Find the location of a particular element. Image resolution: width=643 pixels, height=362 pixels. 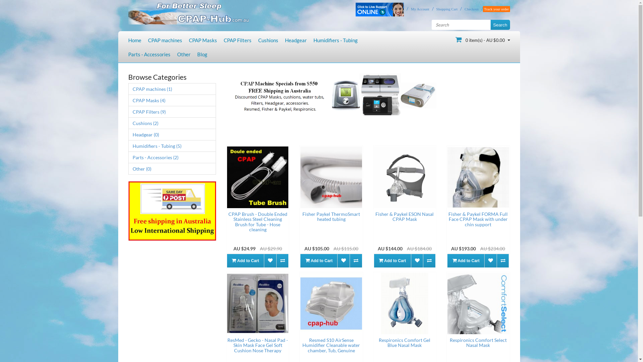

'CPAP machines (1)' is located at coordinates (172, 88).